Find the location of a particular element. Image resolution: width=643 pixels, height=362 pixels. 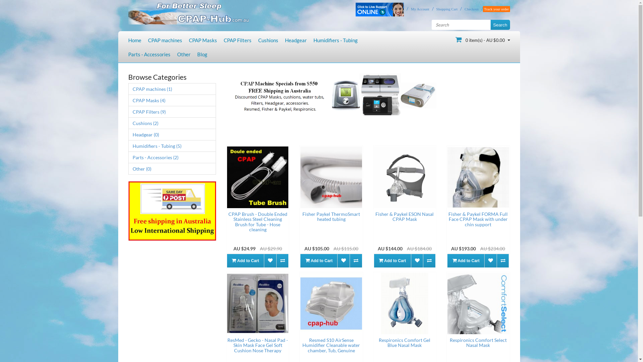

'CPAP machines (1)' is located at coordinates (172, 88).